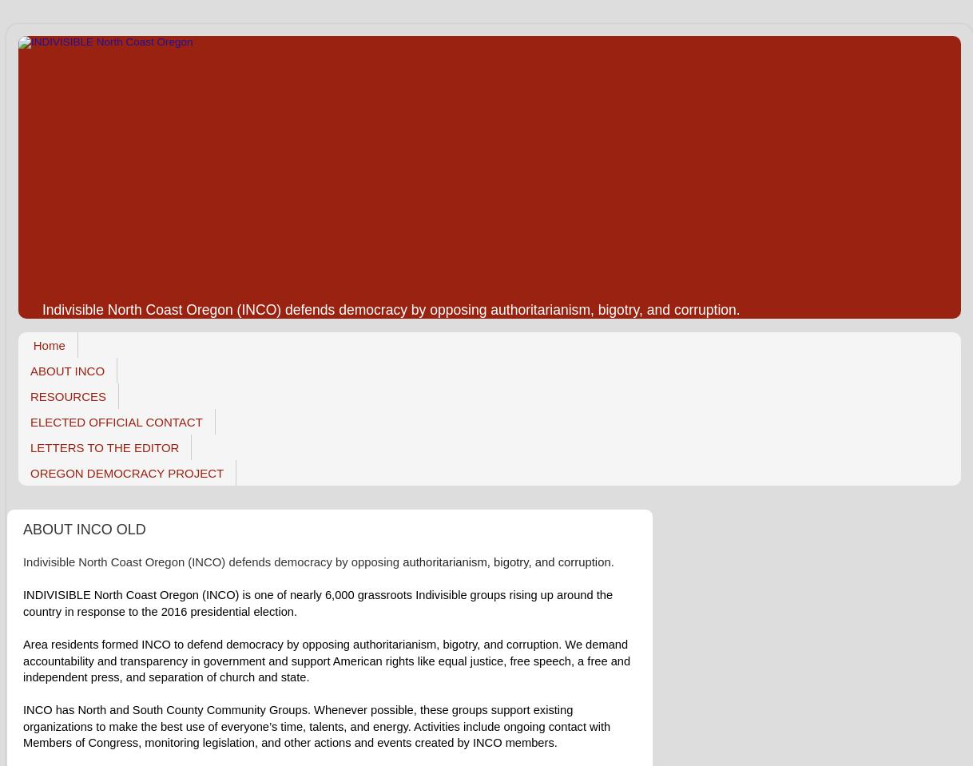  I want to click on 'ABOUT INCO OLD', so click(84, 528).